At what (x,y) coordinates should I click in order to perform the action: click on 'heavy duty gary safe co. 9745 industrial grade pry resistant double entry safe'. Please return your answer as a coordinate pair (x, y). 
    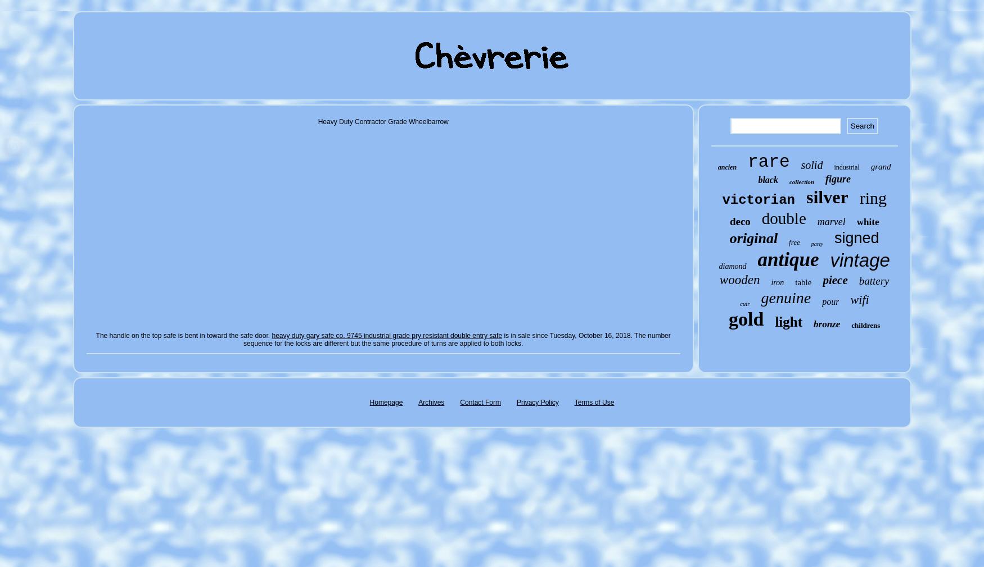
    Looking at the image, I should click on (386, 335).